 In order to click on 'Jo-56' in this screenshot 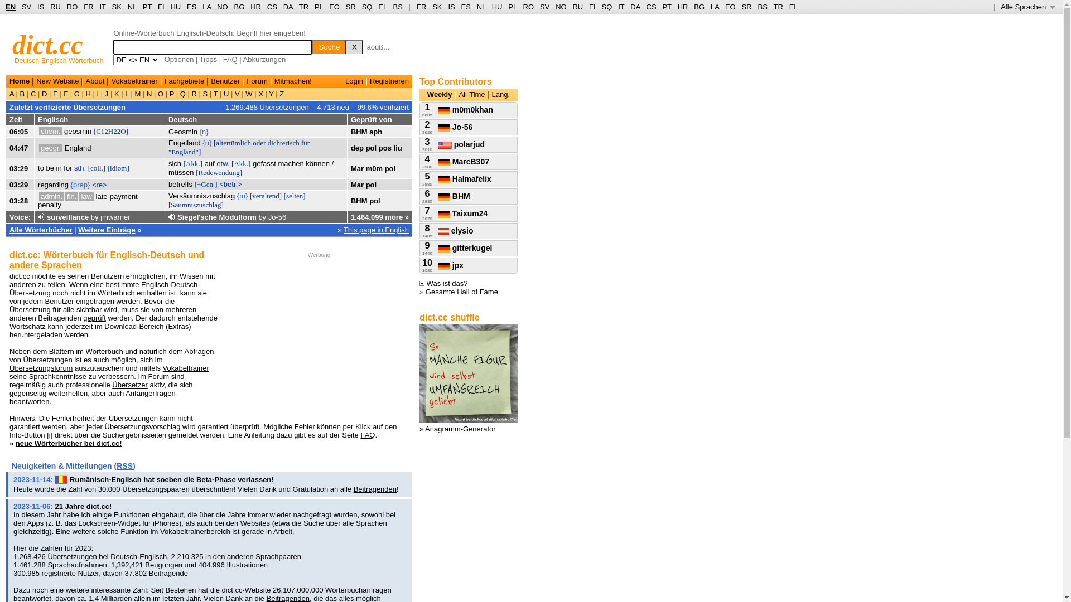, I will do `click(455, 126)`.